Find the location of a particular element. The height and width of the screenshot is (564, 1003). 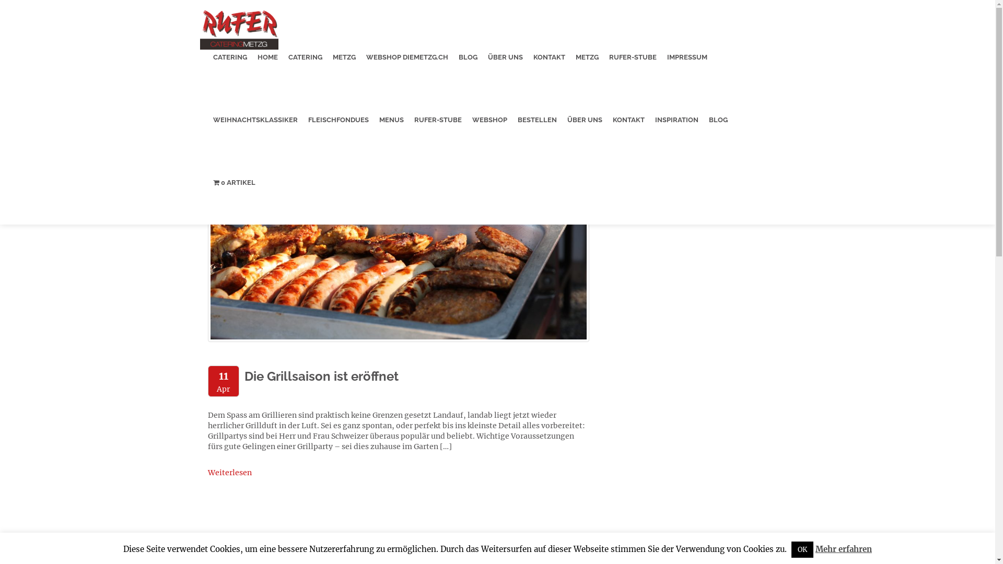

'RUFER-STUBE' is located at coordinates (437, 120).